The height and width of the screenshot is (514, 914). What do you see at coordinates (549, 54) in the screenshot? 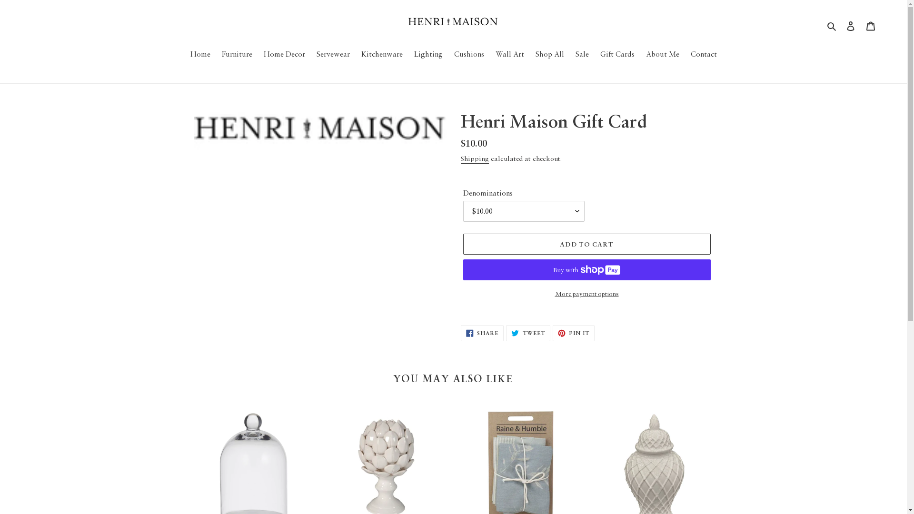
I see `'Shop All'` at bounding box center [549, 54].